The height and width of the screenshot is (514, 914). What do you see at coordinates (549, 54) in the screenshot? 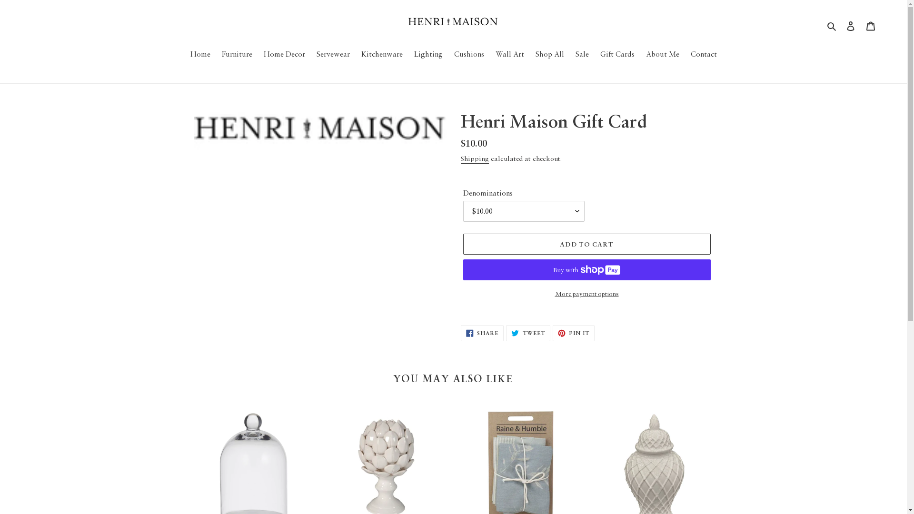
I see `'Shop All'` at bounding box center [549, 54].